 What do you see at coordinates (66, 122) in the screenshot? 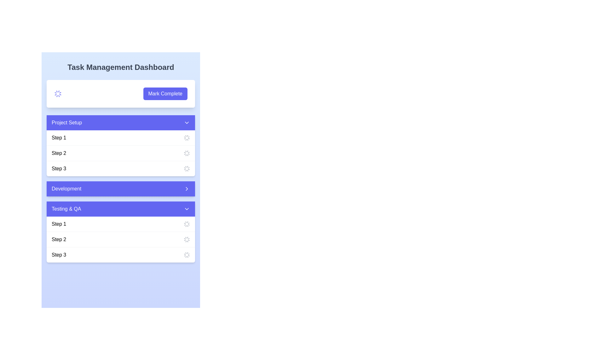
I see `the 'Project Setup' static text within the collapsible menu header` at bounding box center [66, 122].